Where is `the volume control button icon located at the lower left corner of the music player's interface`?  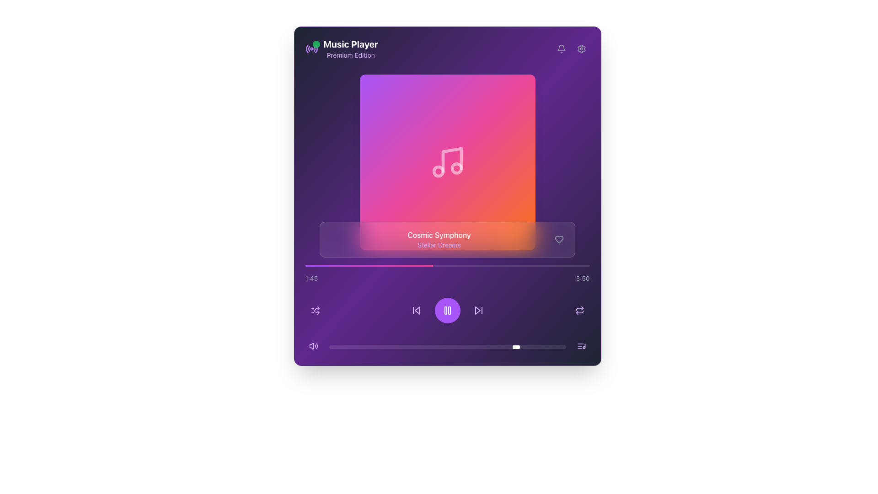 the volume control button icon located at the lower left corner of the music player's interface is located at coordinates (313, 346).